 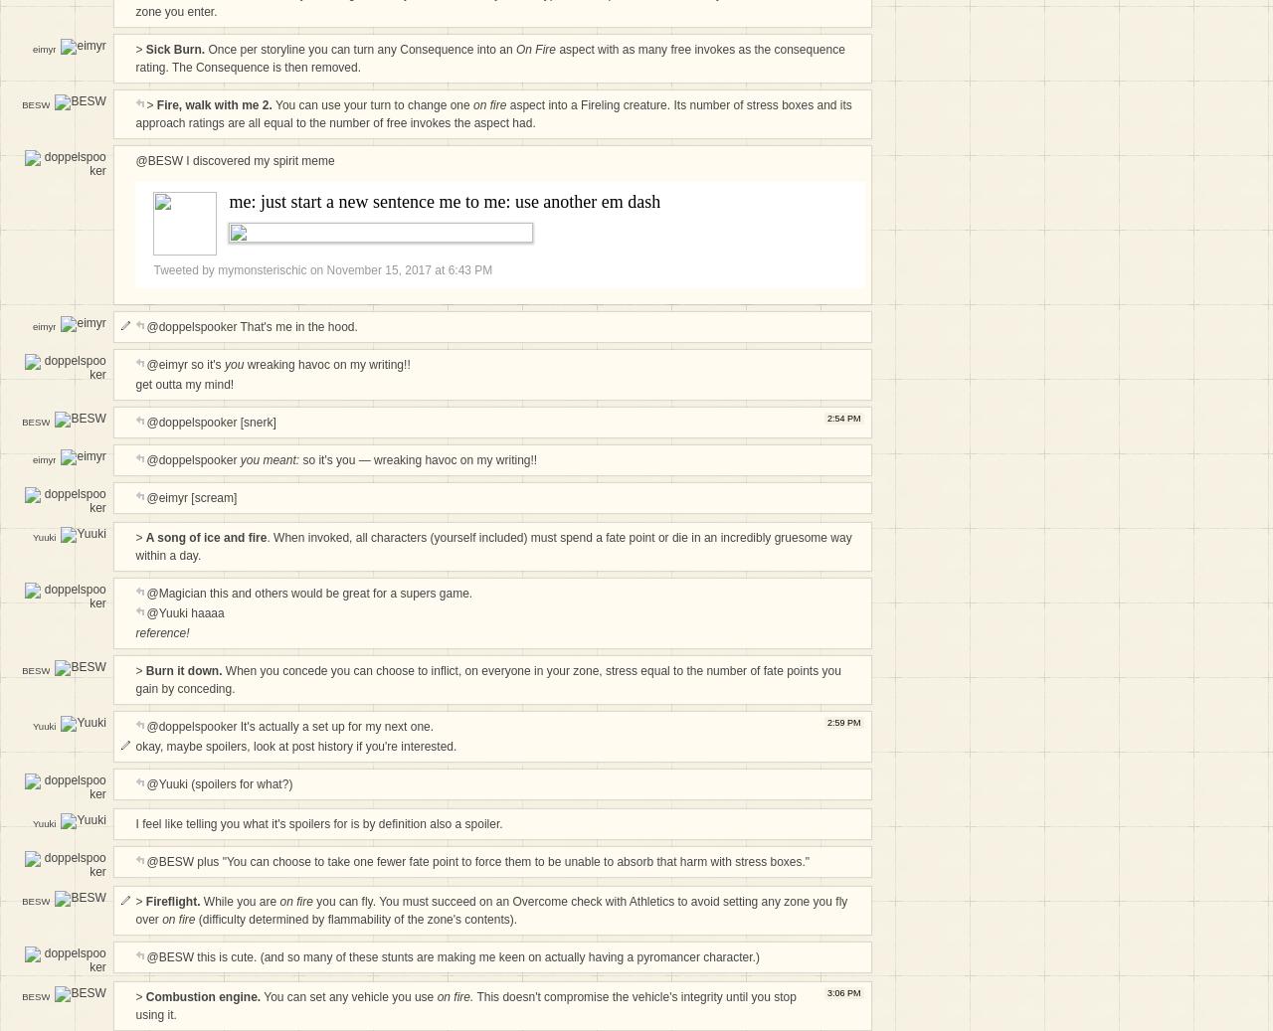 I want to click on '@BESW plus "You can choose to take one fewer fate point to force them to be unable to absorb that harm with stress boxes."', so click(x=144, y=862).